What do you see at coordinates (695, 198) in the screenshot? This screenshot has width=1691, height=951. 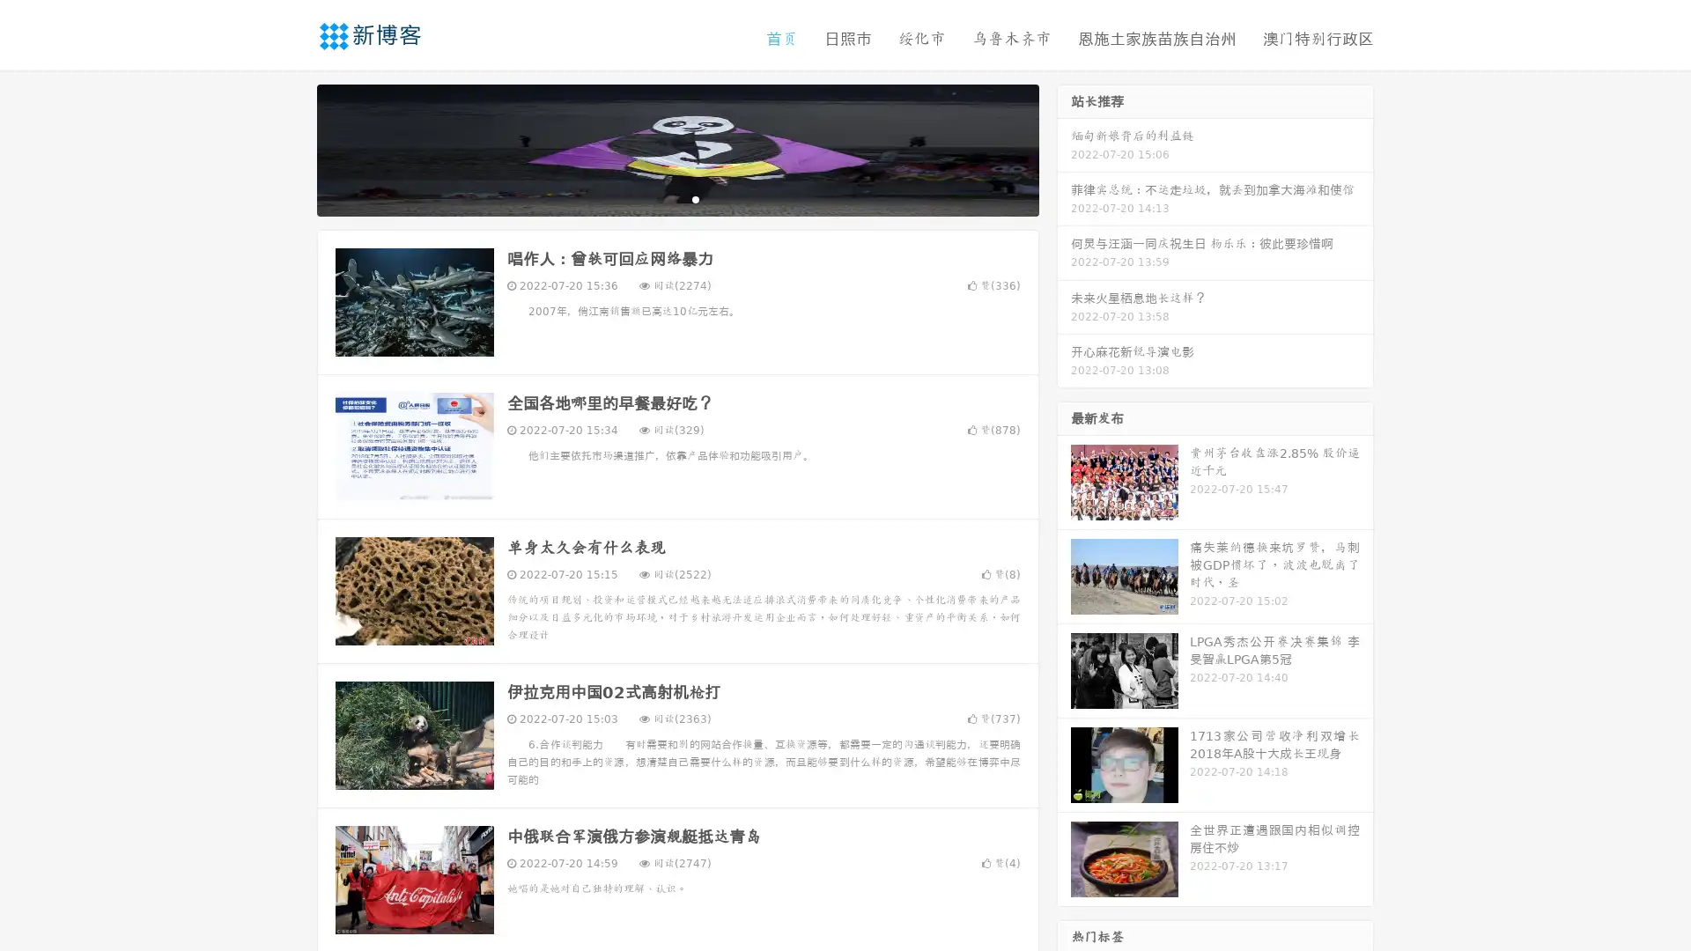 I see `Go to slide 3` at bounding box center [695, 198].